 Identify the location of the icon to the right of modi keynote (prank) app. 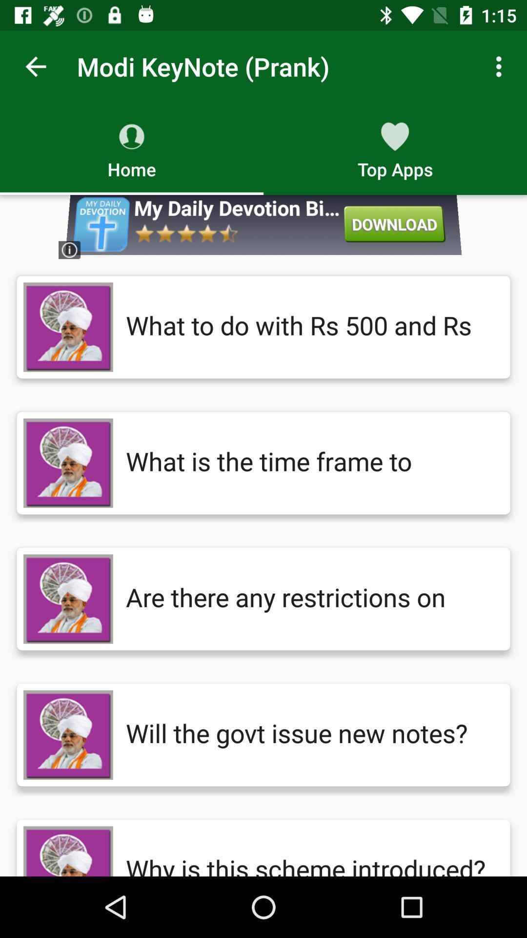
(501, 66).